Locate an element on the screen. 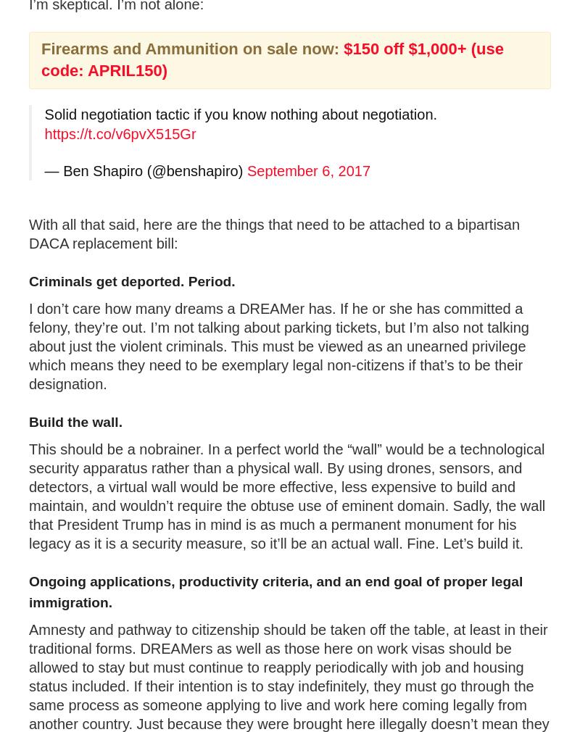  'September 6, 2017' is located at coordinates (308, 170).